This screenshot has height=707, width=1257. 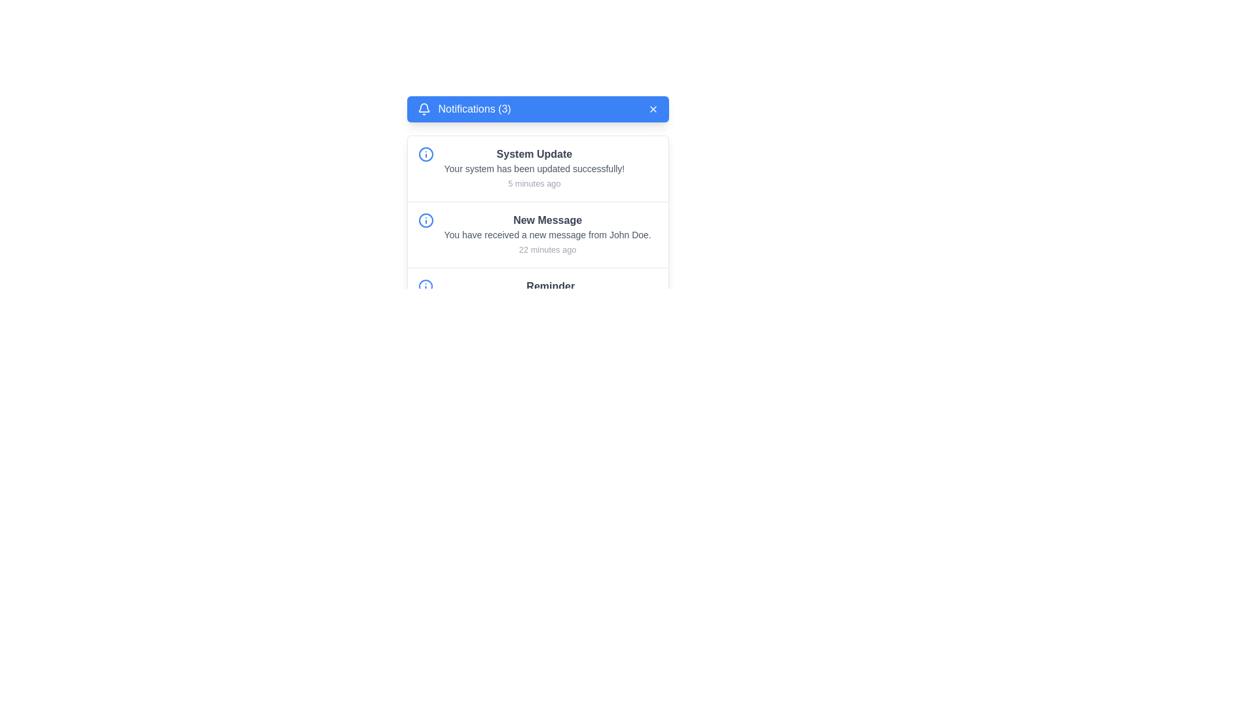 I want to click on the static icon indicating informational updates in the 'System Update' notification card, located at the top-left corner before the text content, so click(x=426, y=153).